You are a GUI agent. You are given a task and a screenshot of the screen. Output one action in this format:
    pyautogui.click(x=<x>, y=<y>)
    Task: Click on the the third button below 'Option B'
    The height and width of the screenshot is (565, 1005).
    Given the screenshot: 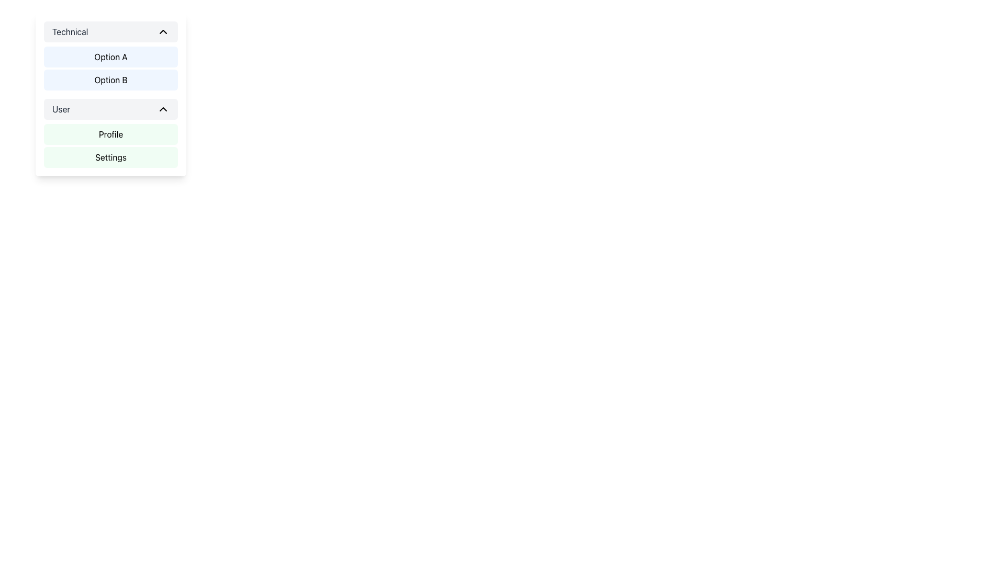 What is the action you would take?
    pyautogui.click(x=110, y=109)
    